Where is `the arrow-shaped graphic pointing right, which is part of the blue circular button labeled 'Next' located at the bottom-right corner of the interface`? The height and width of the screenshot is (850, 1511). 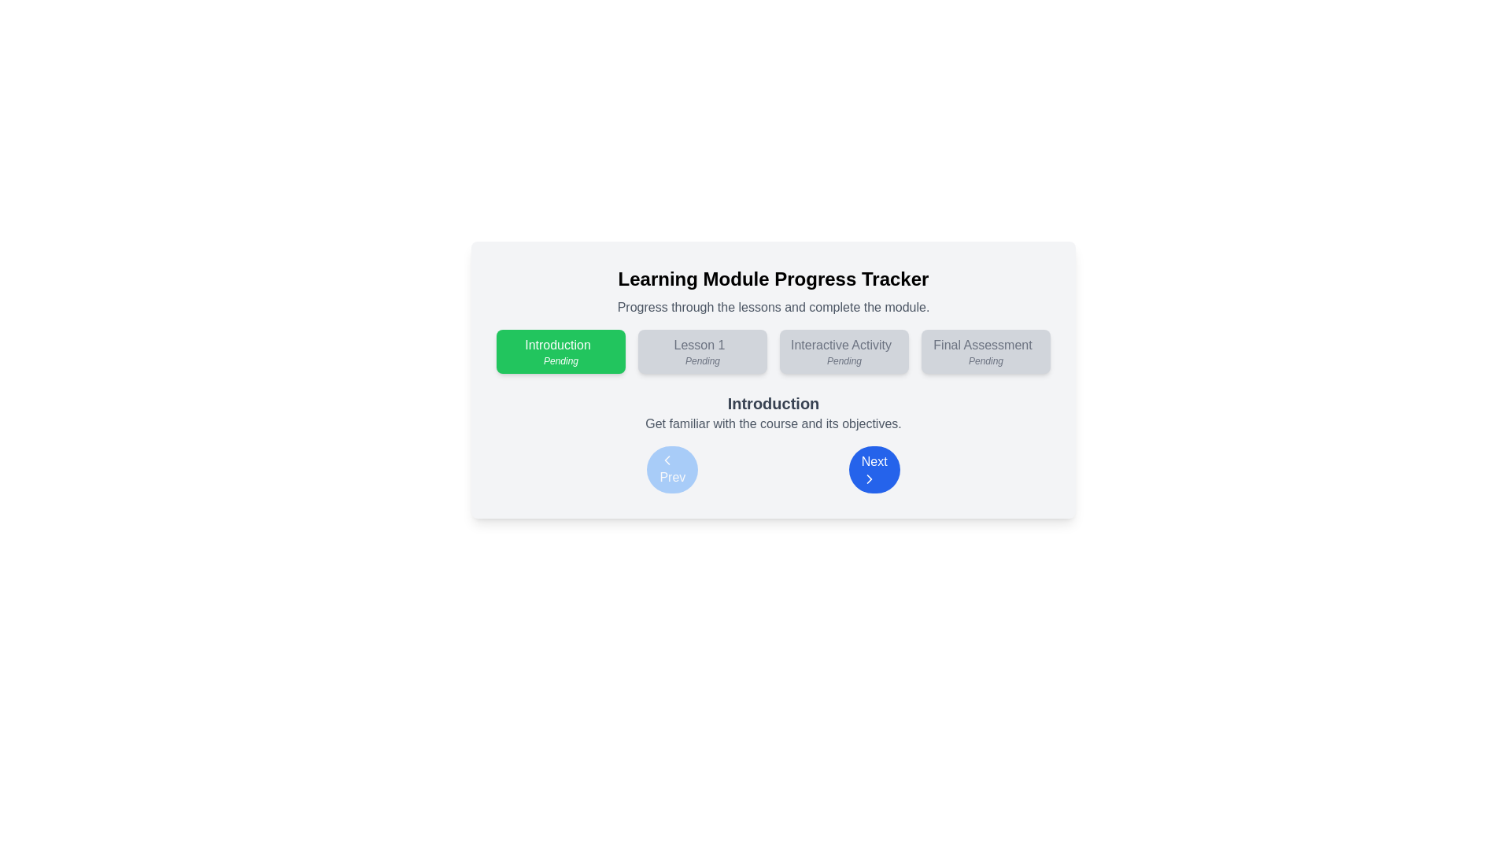 the arrow-shaped graphic pointing right, which is part of the blue circular button labeled 'Next' located at the bottom-right corner of the interface is located at coordinates (868, 479).